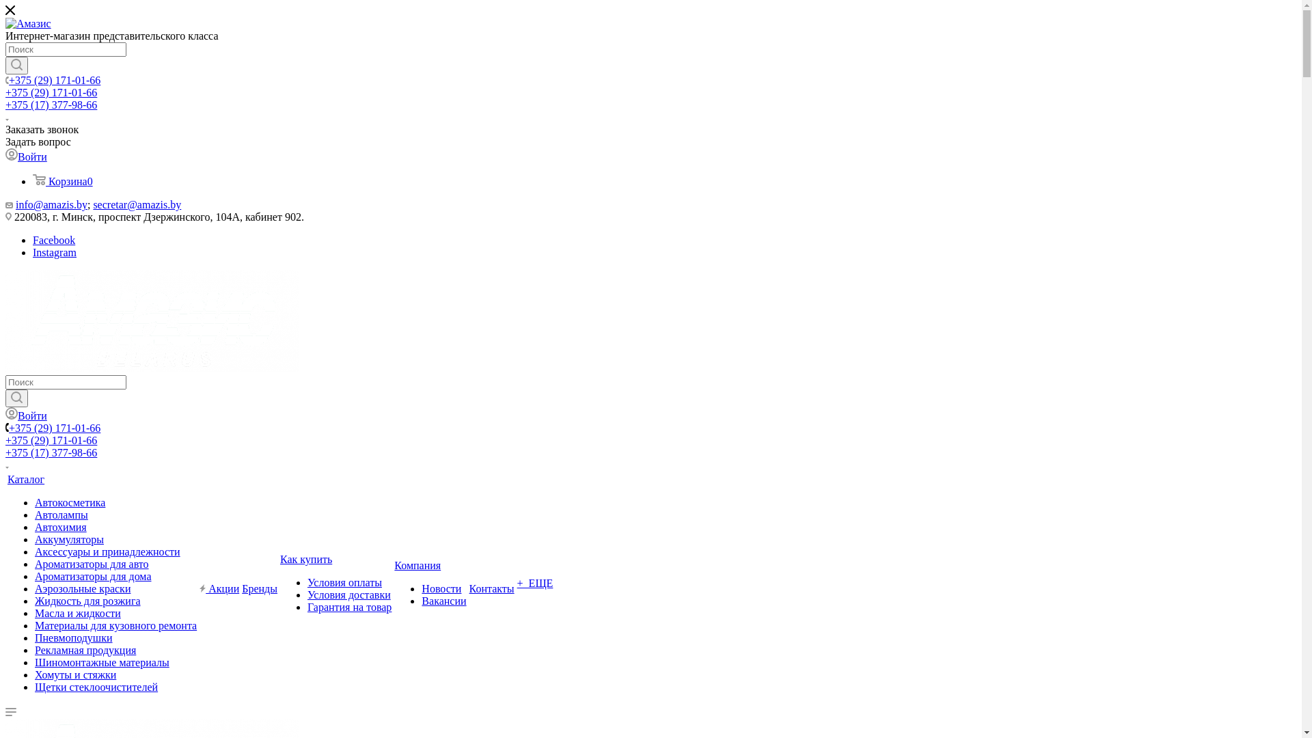 This screenshot has height=738, width=1312. Describe the element at coordinates (137, 204) in the screenshot. I see `'secretar@amazis.by'` at that location.